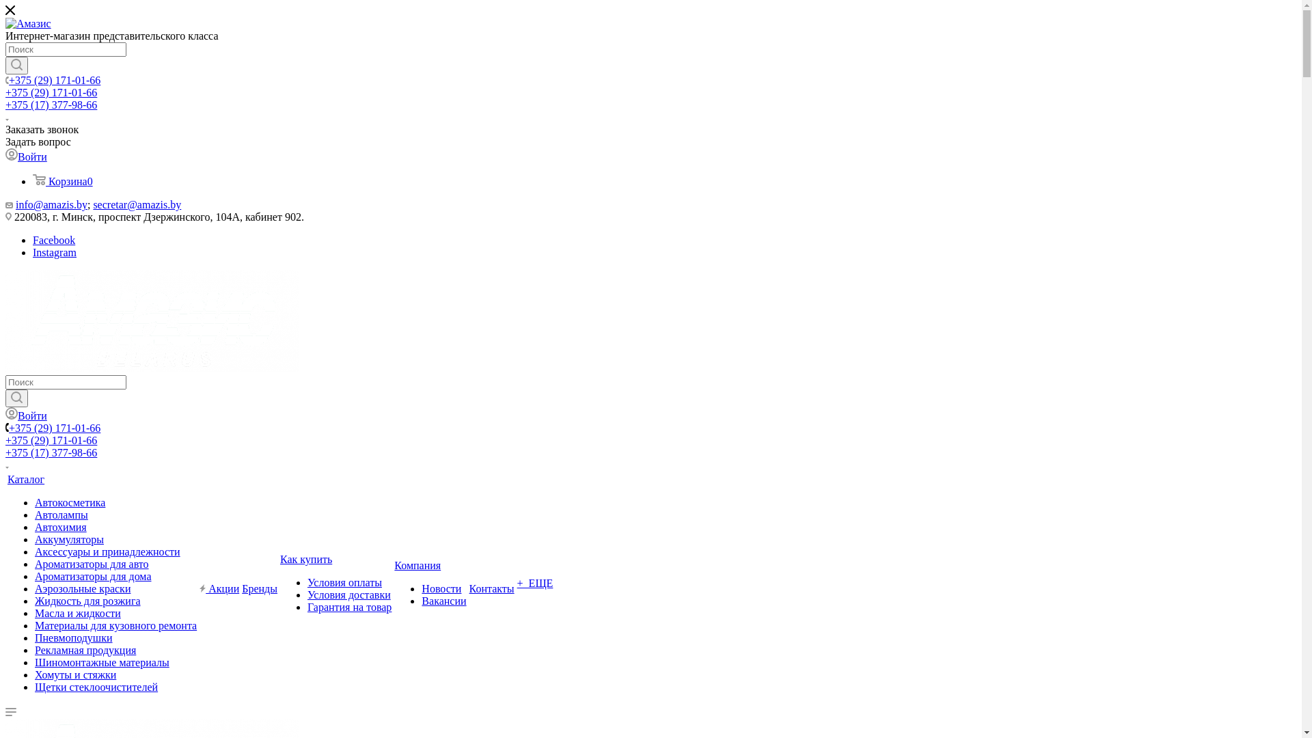 This screenshot has height=738, width=1312. Describe the element at coordinates (137, 204) in the screenshot. I see `'secretar@amazis.by'` at that location.